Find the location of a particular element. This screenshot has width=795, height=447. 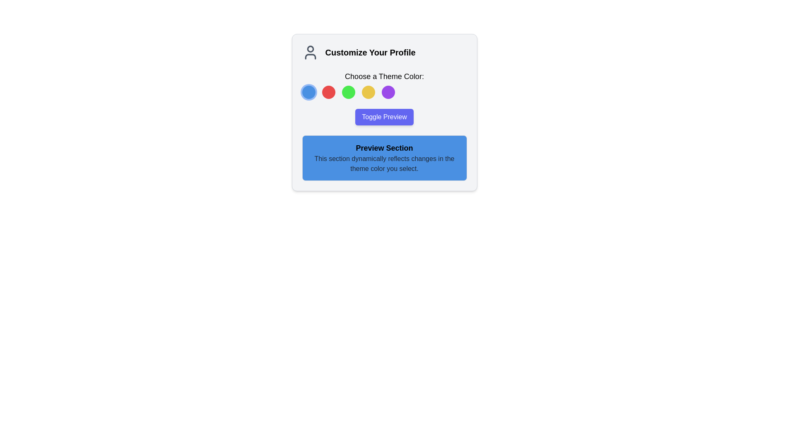

the fifth circle button for theme color selection located at the bottom center of the 'Customize Your Profile' card is located at coordinates (384, 92).